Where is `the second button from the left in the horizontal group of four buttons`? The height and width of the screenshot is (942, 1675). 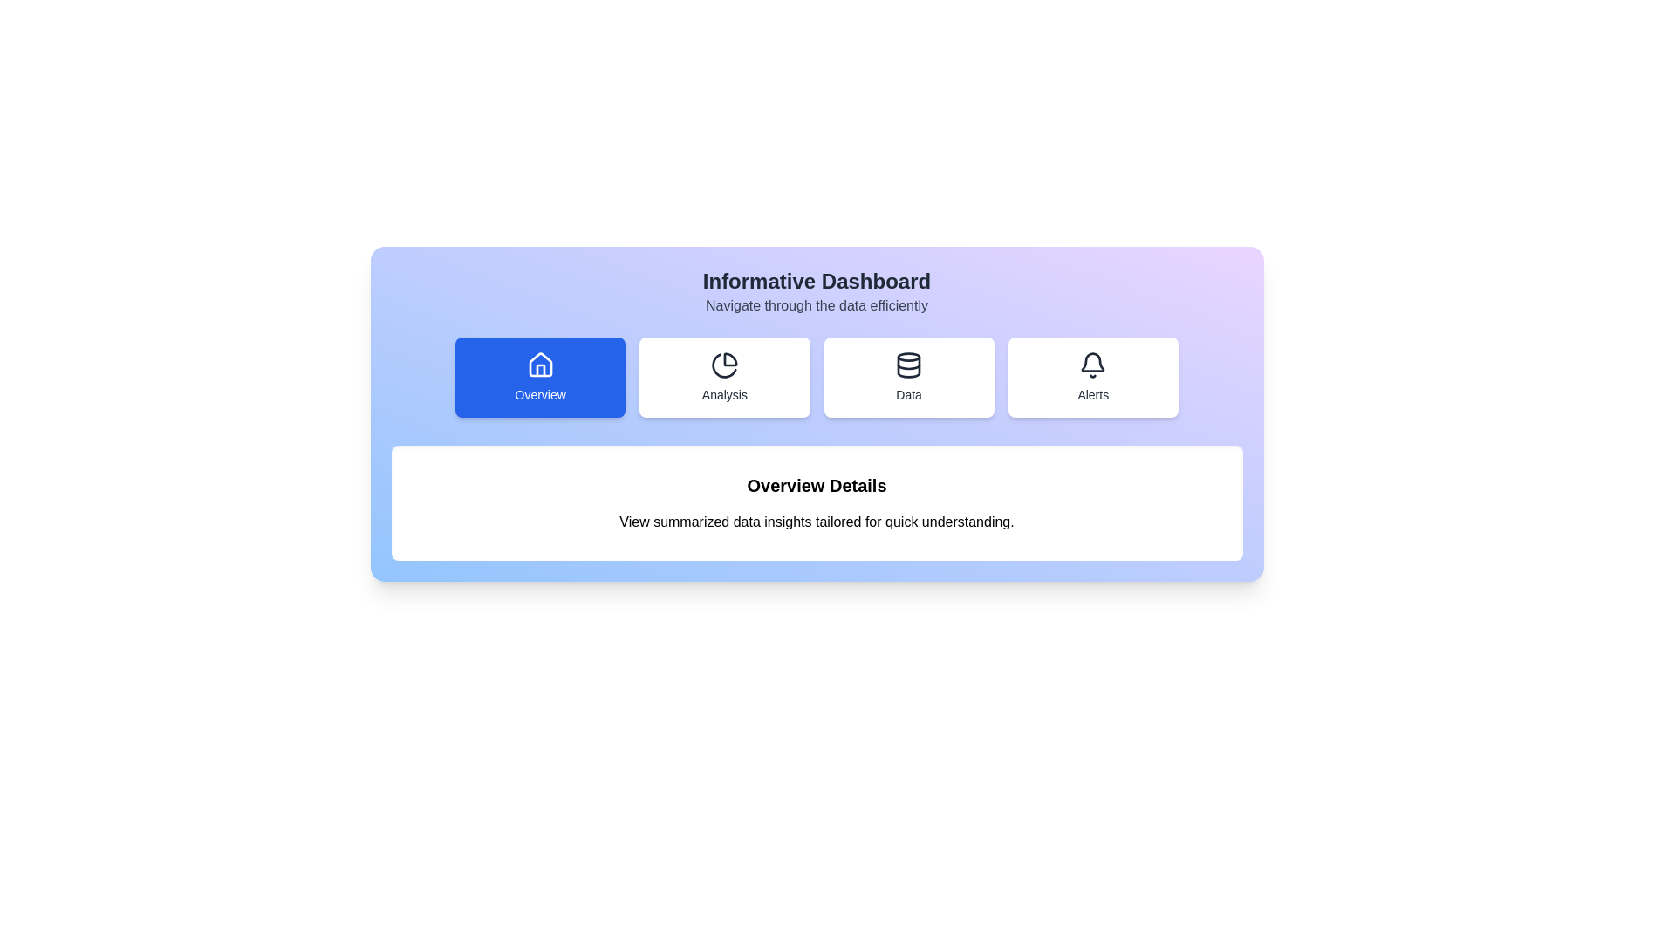 the second button from the left in the horizontal group of four buttons is located at coordinates (724, 376).